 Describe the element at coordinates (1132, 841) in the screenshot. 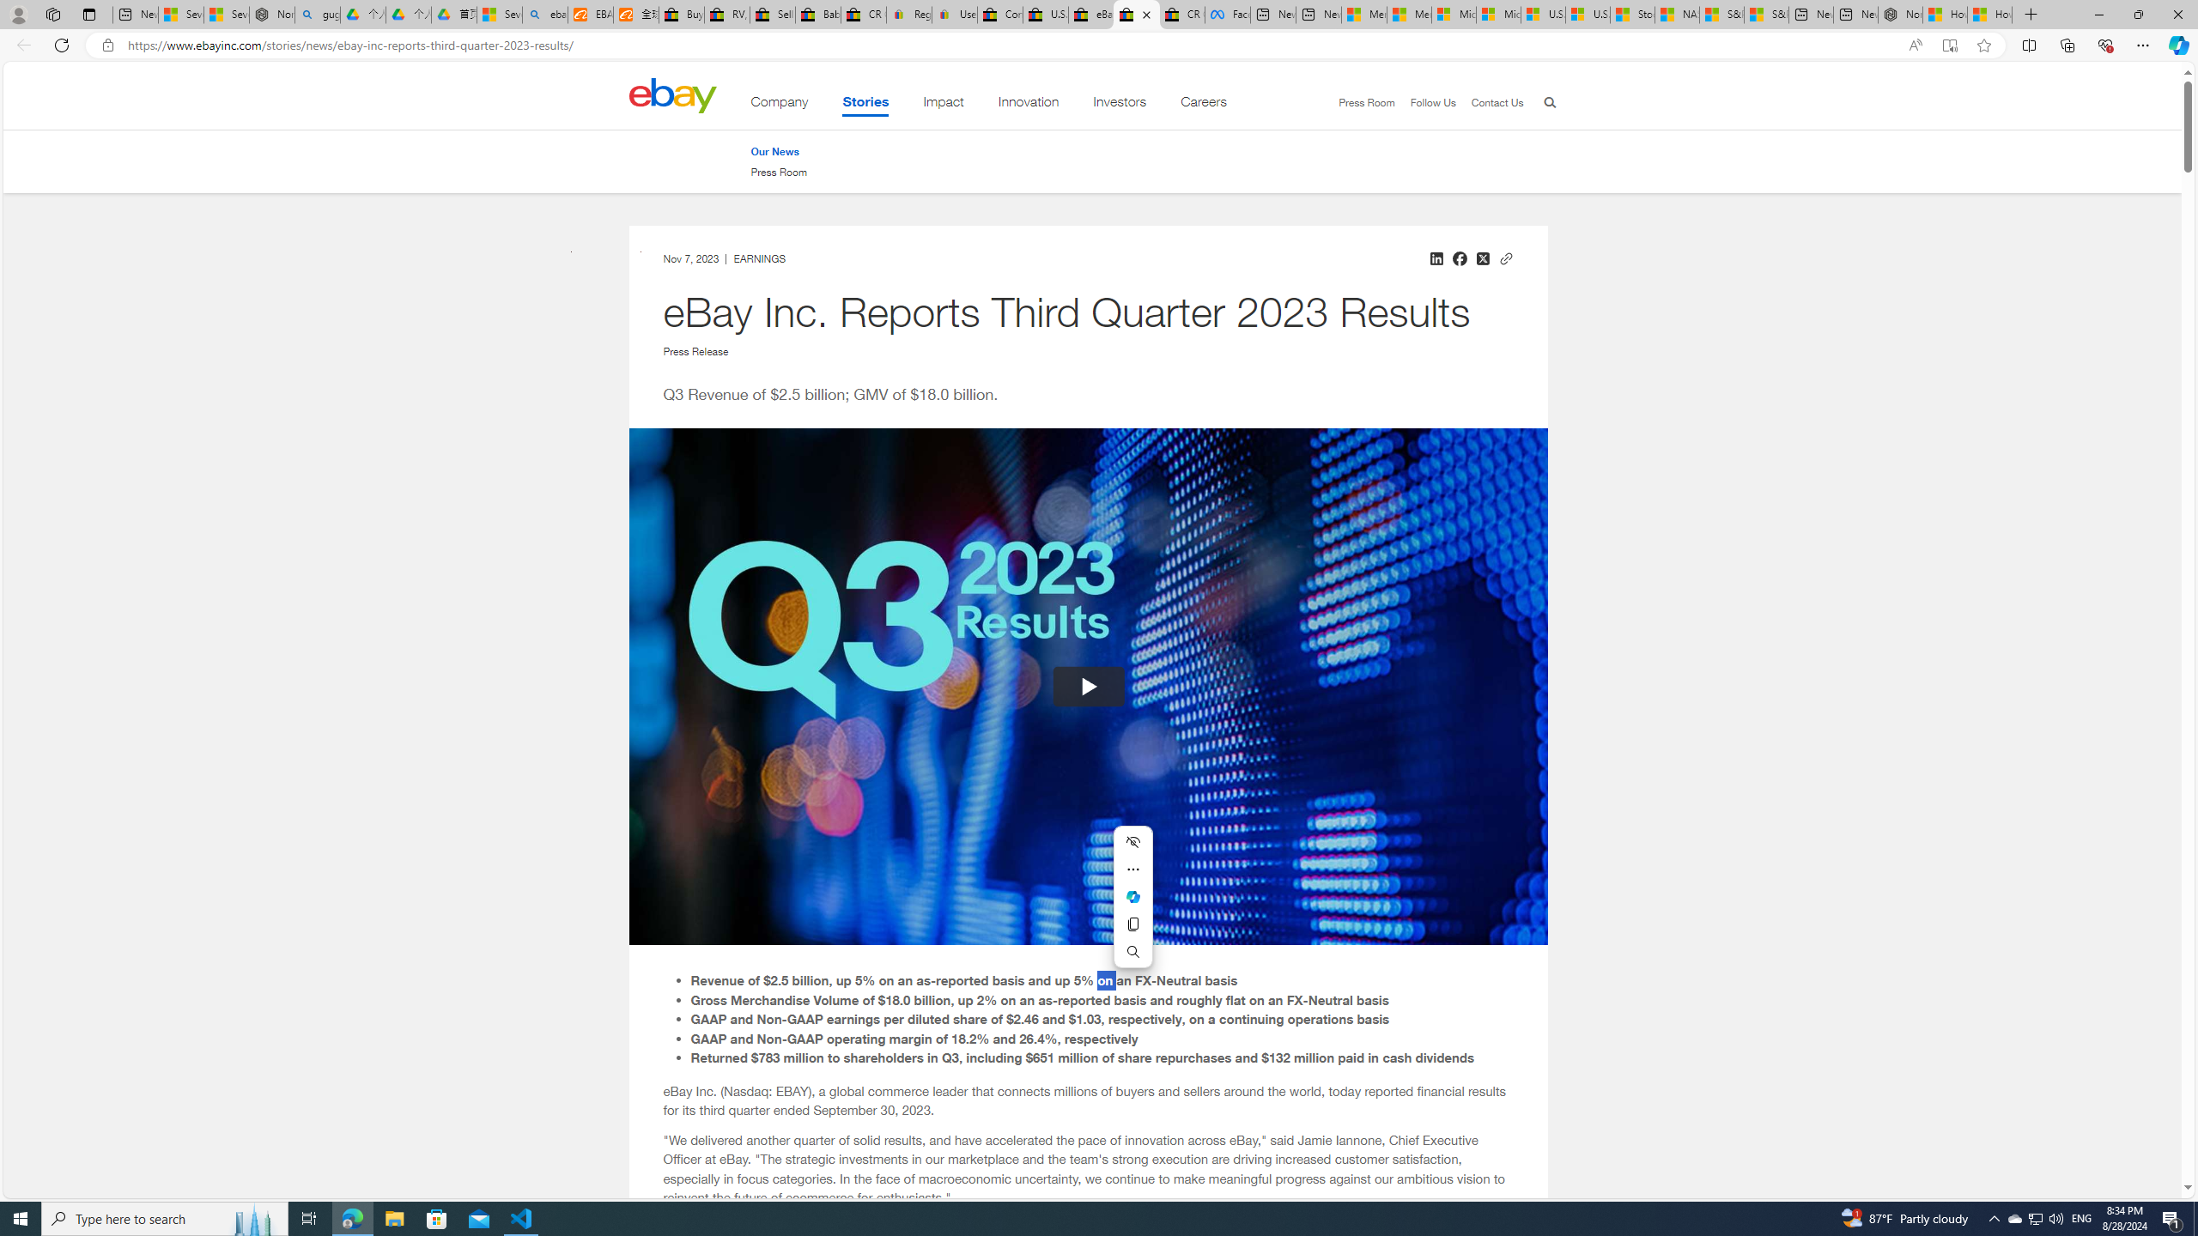

I see `'Hide menu'` at that location.